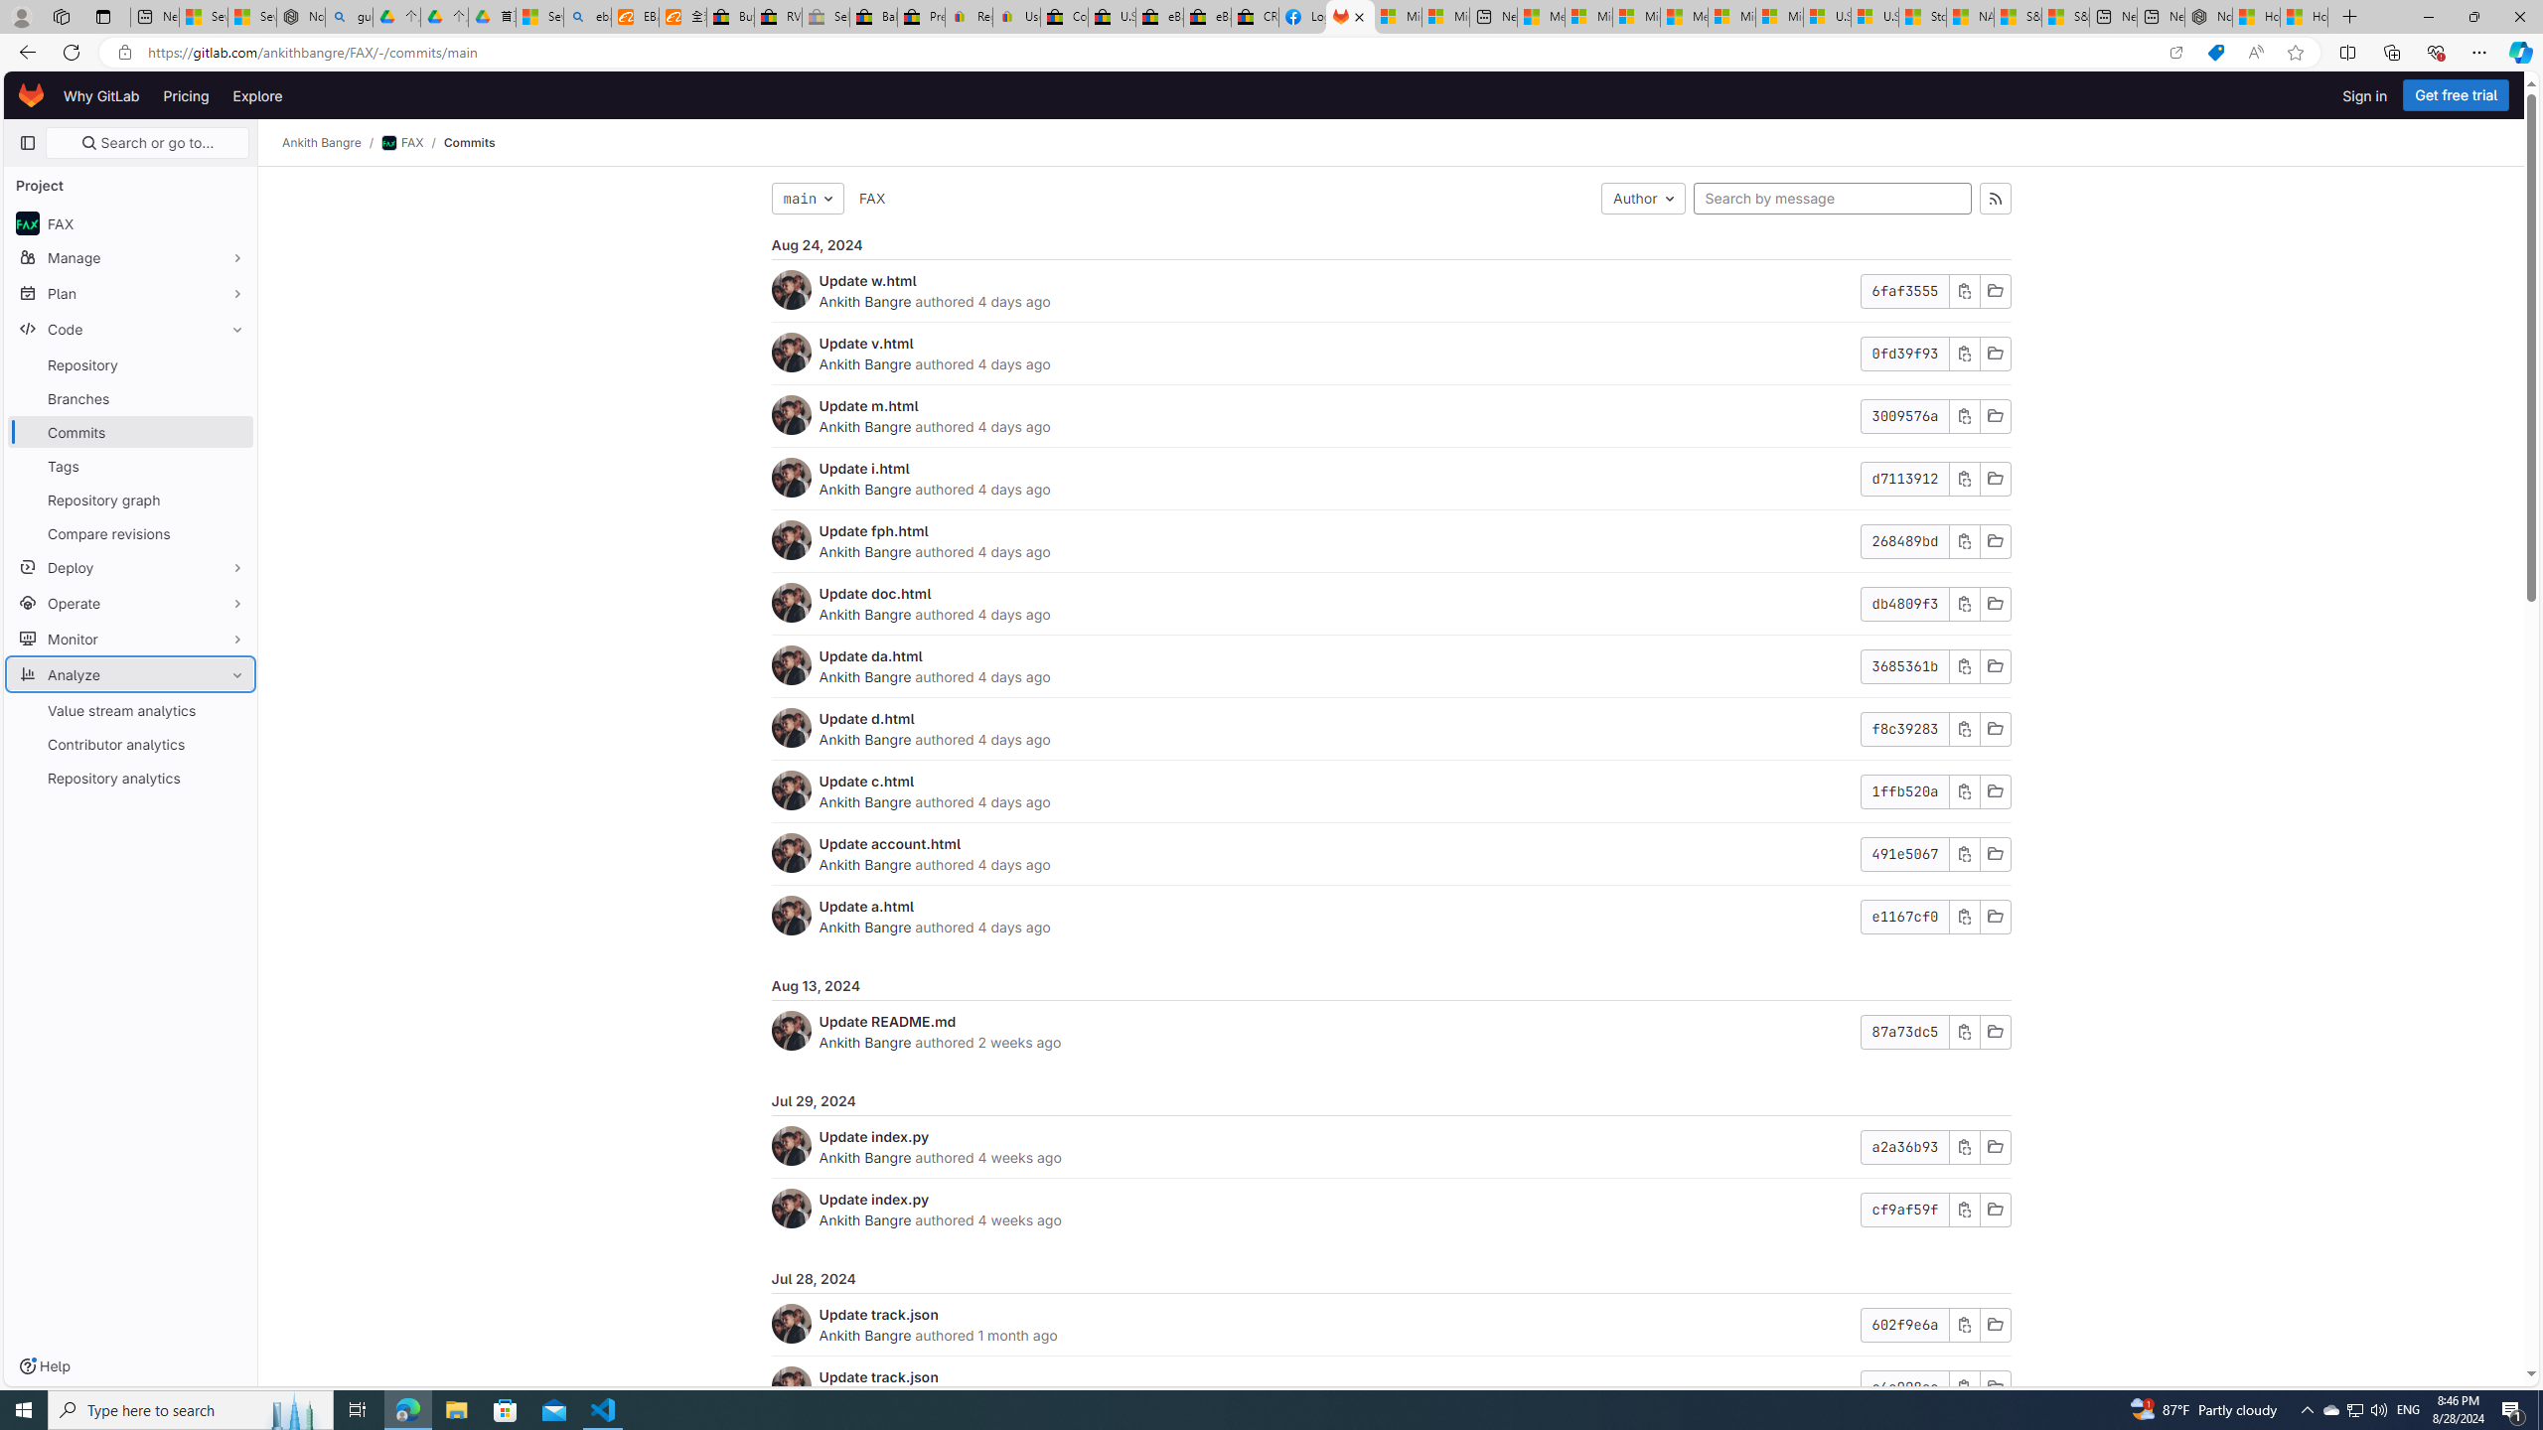  I want to click on 'main', so click(806, 198).